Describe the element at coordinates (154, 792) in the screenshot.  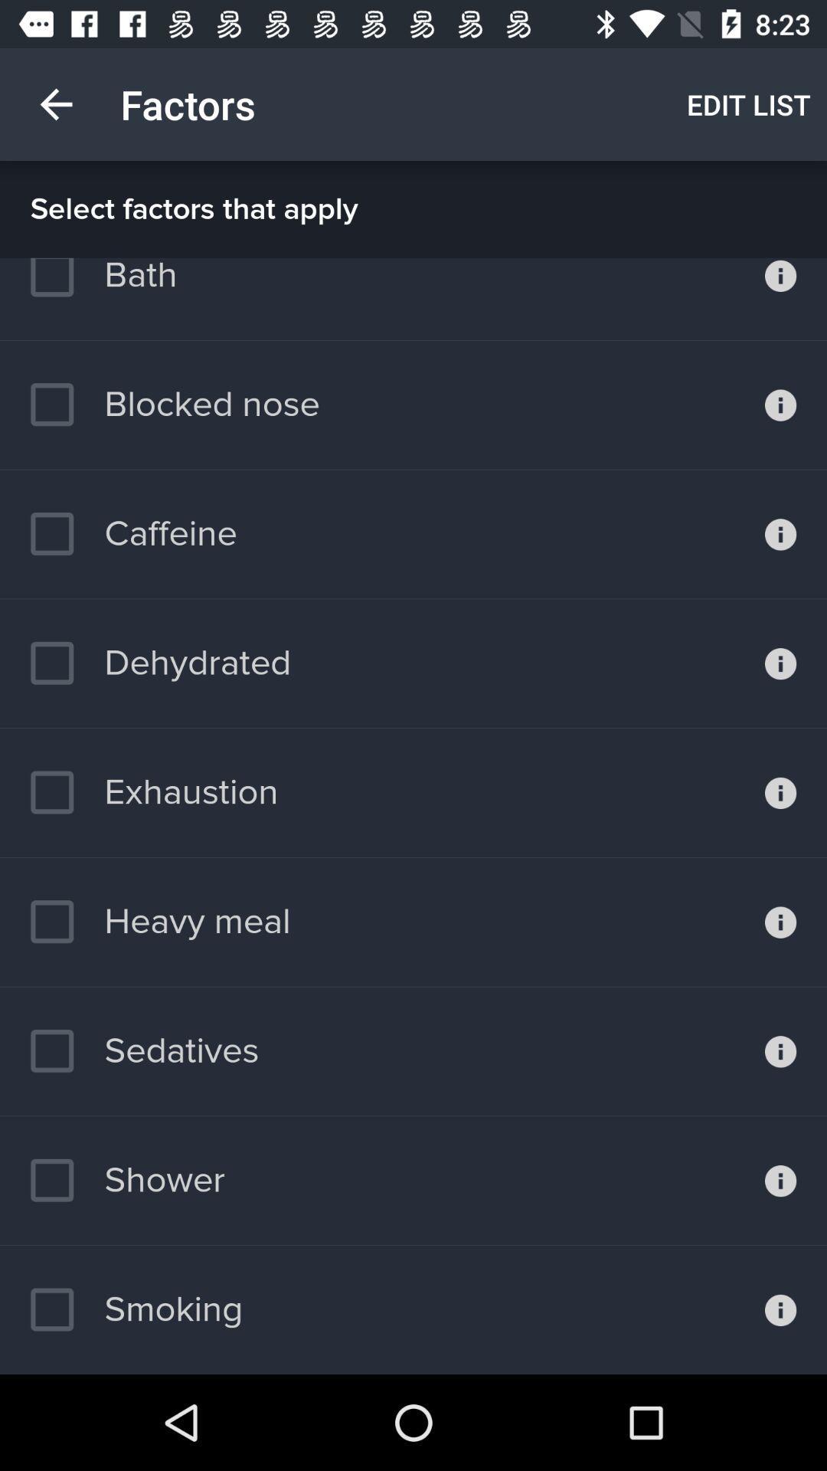
I see `the item below the dehydrated item` at that location.